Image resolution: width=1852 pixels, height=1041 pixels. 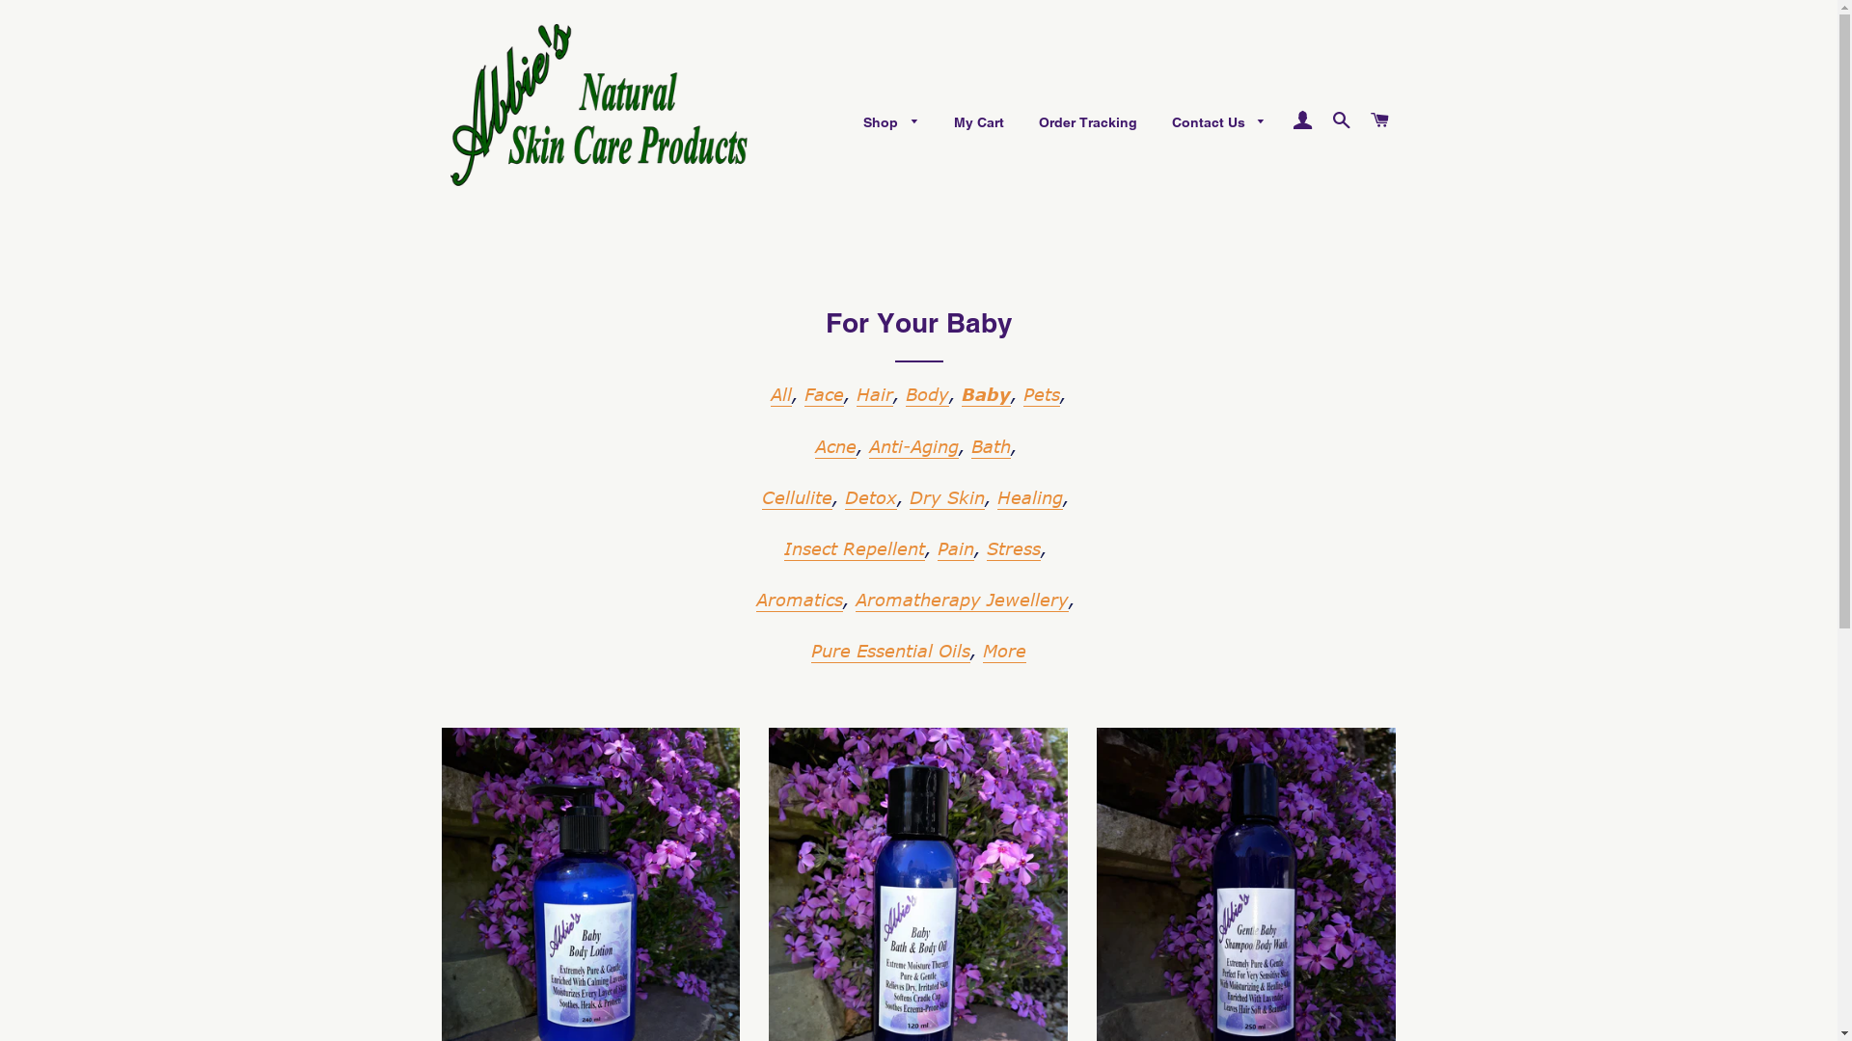 I want to click on 'Log In', so click(x=1301, y=120).